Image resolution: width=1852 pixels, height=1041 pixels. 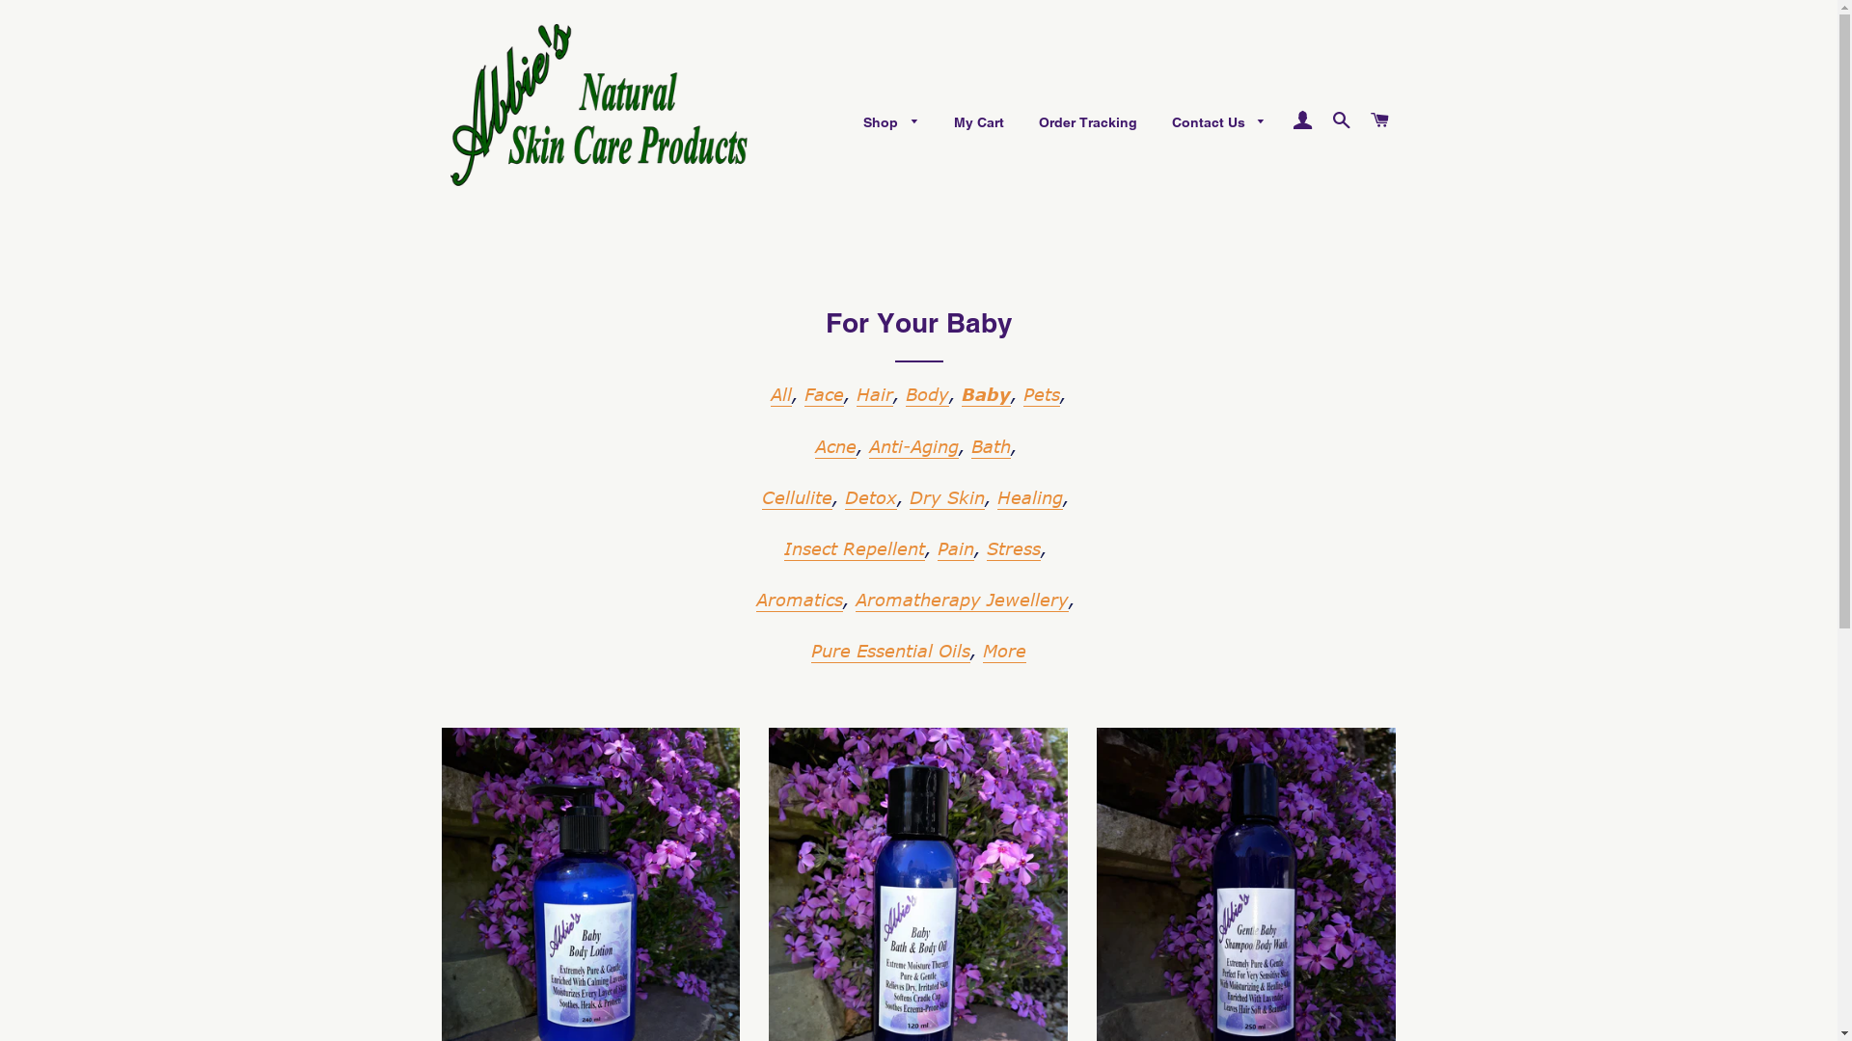 I want to click on 'Log In', so click(x=1301, y=120).